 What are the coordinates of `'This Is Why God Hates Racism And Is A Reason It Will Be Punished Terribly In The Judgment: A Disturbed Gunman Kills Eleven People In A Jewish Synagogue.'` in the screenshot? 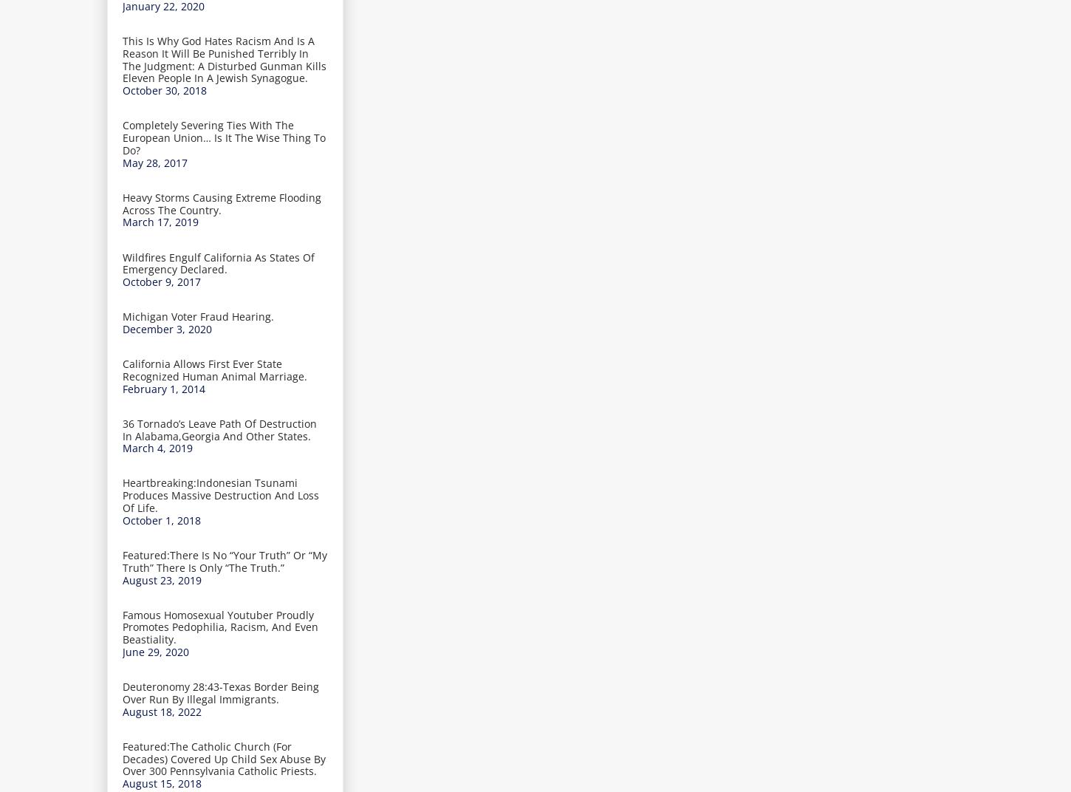 It's located at (225, 59).